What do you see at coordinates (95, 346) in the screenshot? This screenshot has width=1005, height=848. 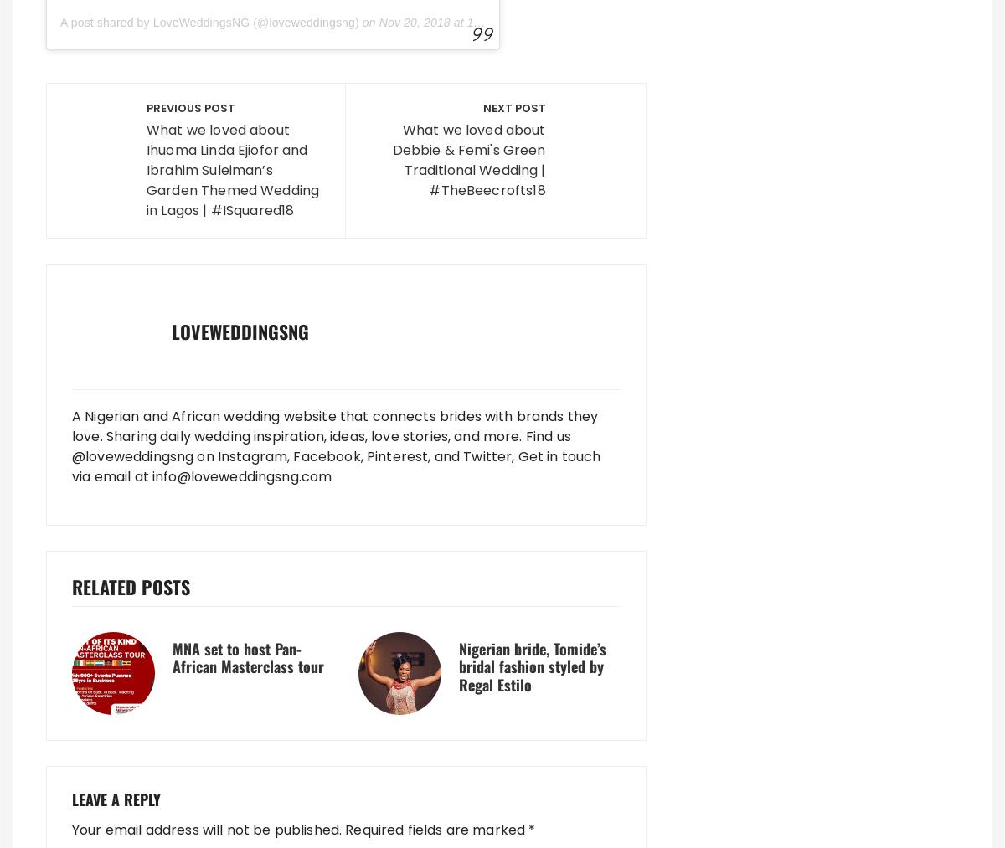 I see `'Name'` at bounding box center [95, 346].